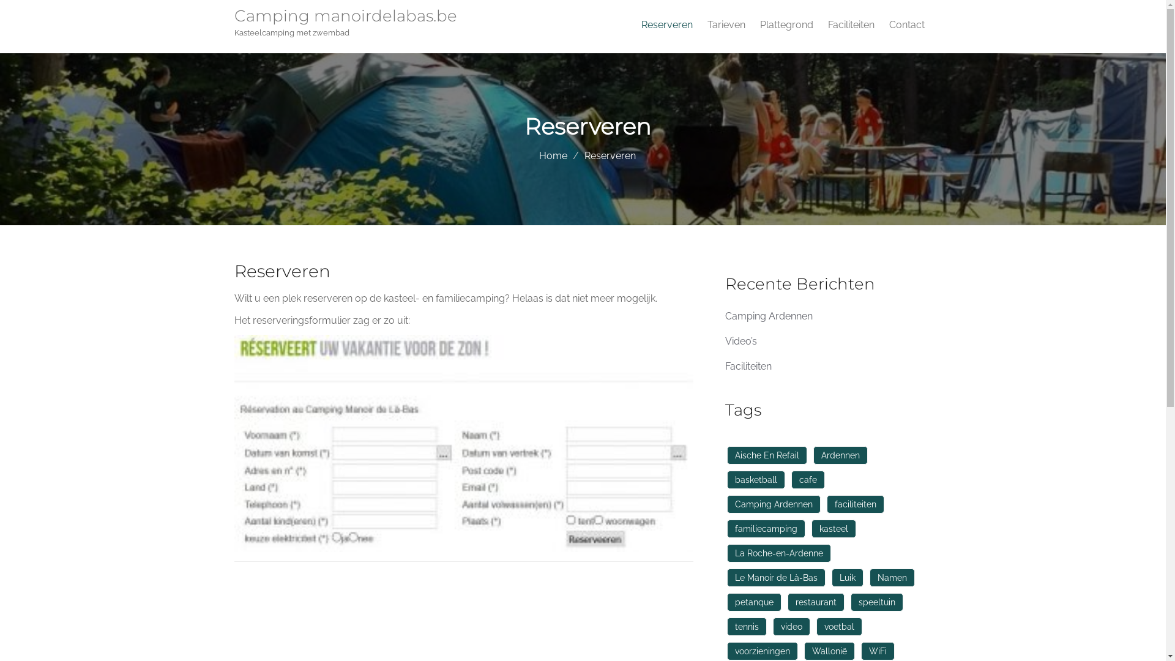  I want to click on 'Camping manoirdelabas.be', so click(349, 18).